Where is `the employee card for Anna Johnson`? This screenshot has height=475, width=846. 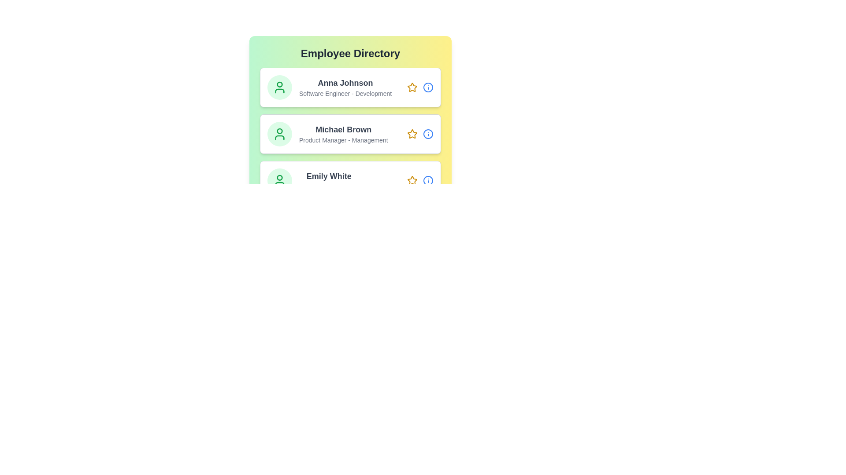 the employee card for Anna Johnson is located at coordinates (350, 88).